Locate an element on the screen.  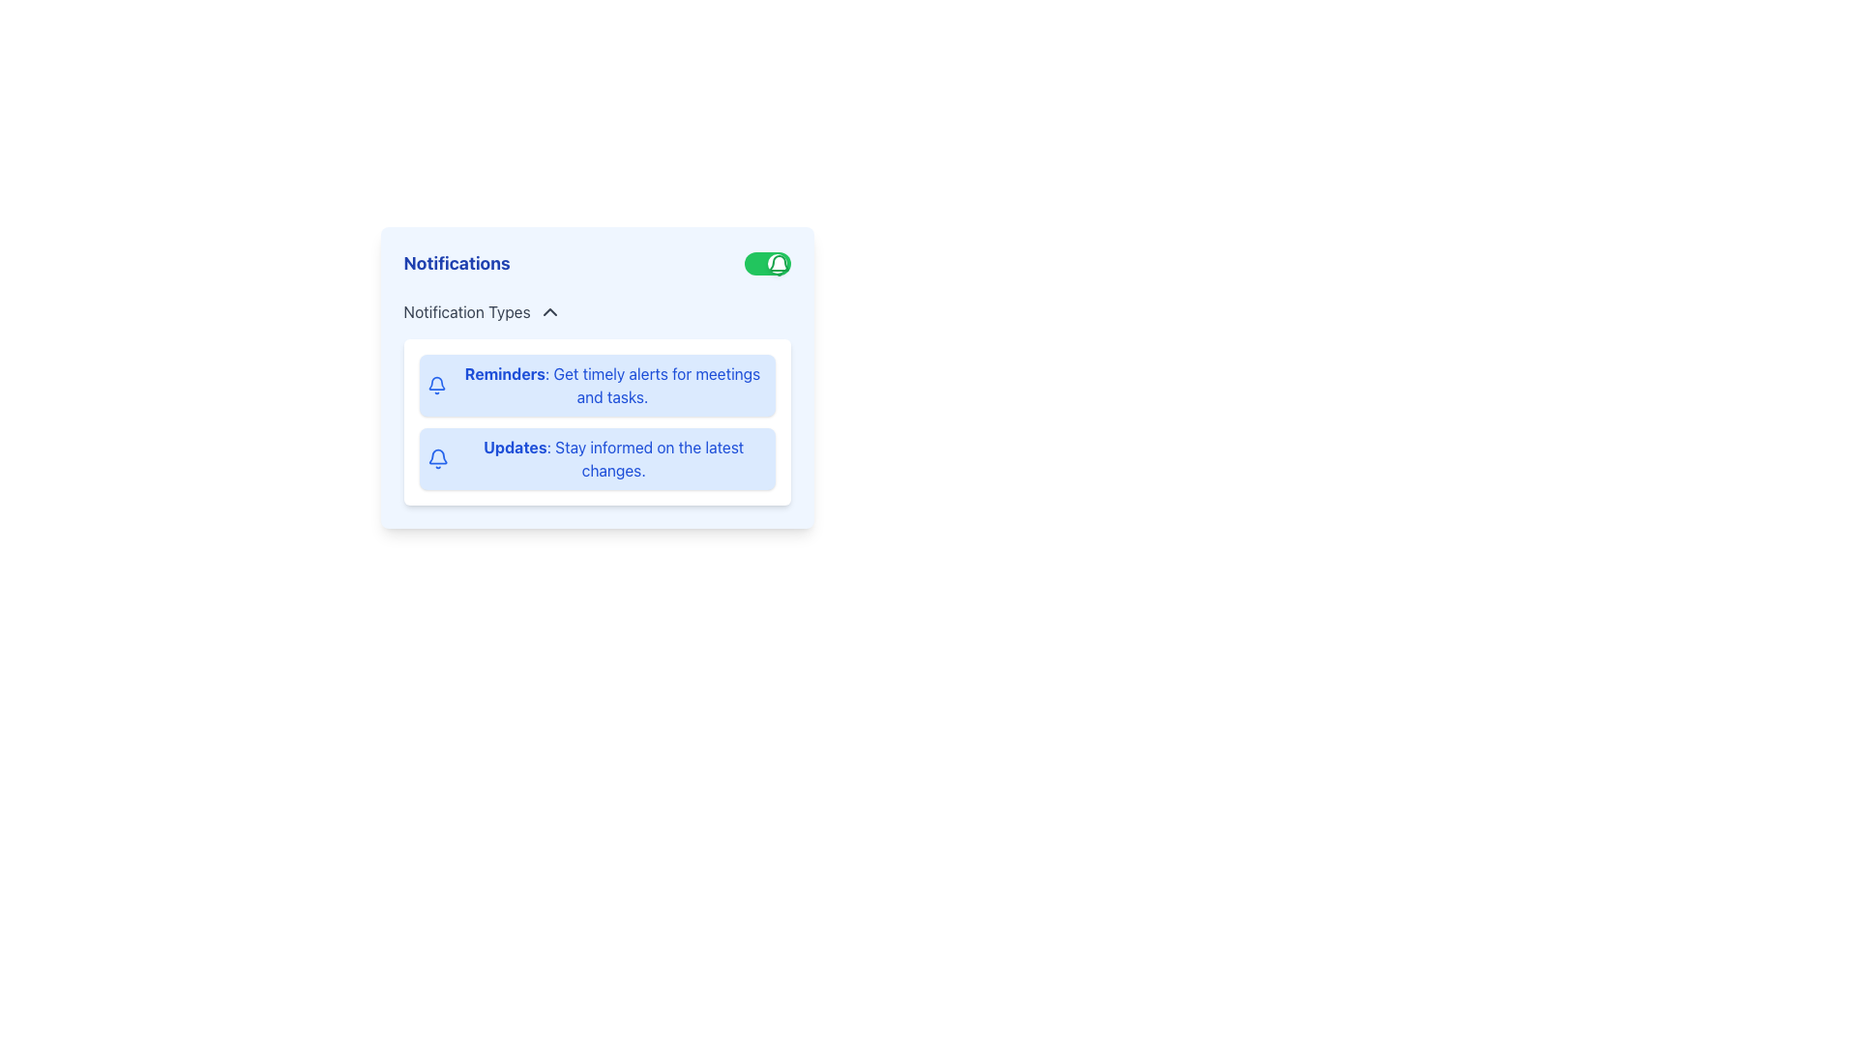
the chevron-up arrow icon located to the right of the 'Notification Types' text is located at coordinates (548, 311).